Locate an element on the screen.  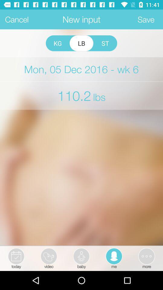
st is located at coordinates (105, 43).